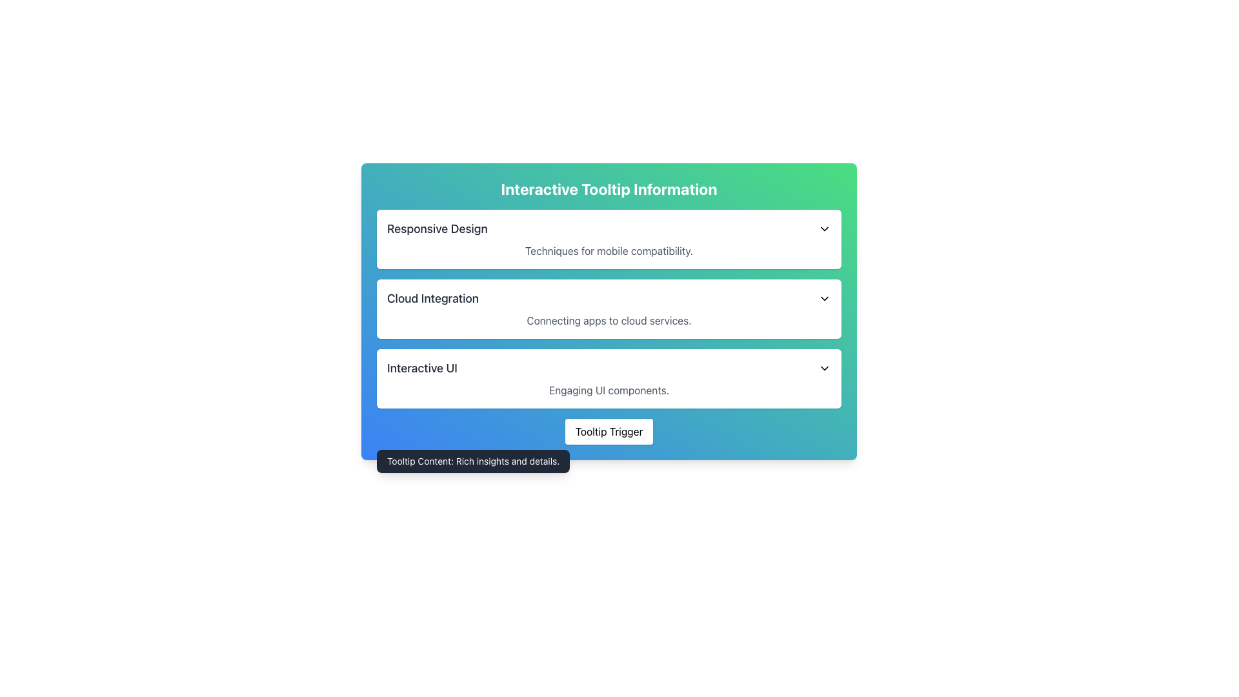 Image resolution: width=1239 pixels, height=697 pixels. Describe the element at coordinates (823, 368) in the screenshot. I see `the chevron-down icon located to the right of the 'Interactive UI' label` at that location.